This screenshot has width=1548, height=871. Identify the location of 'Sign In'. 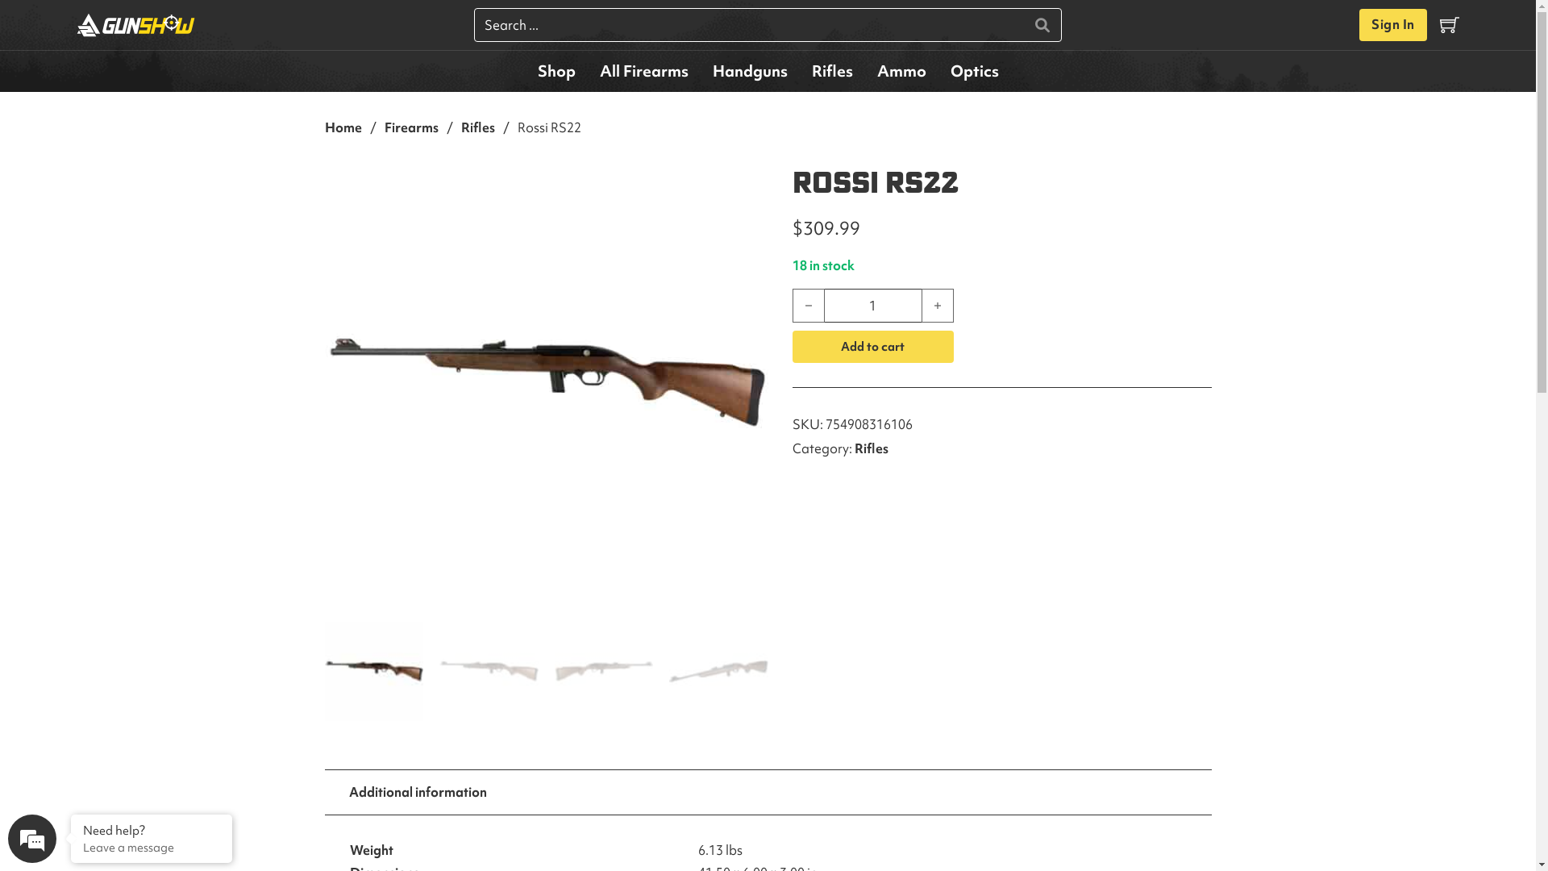
(1392, 25).